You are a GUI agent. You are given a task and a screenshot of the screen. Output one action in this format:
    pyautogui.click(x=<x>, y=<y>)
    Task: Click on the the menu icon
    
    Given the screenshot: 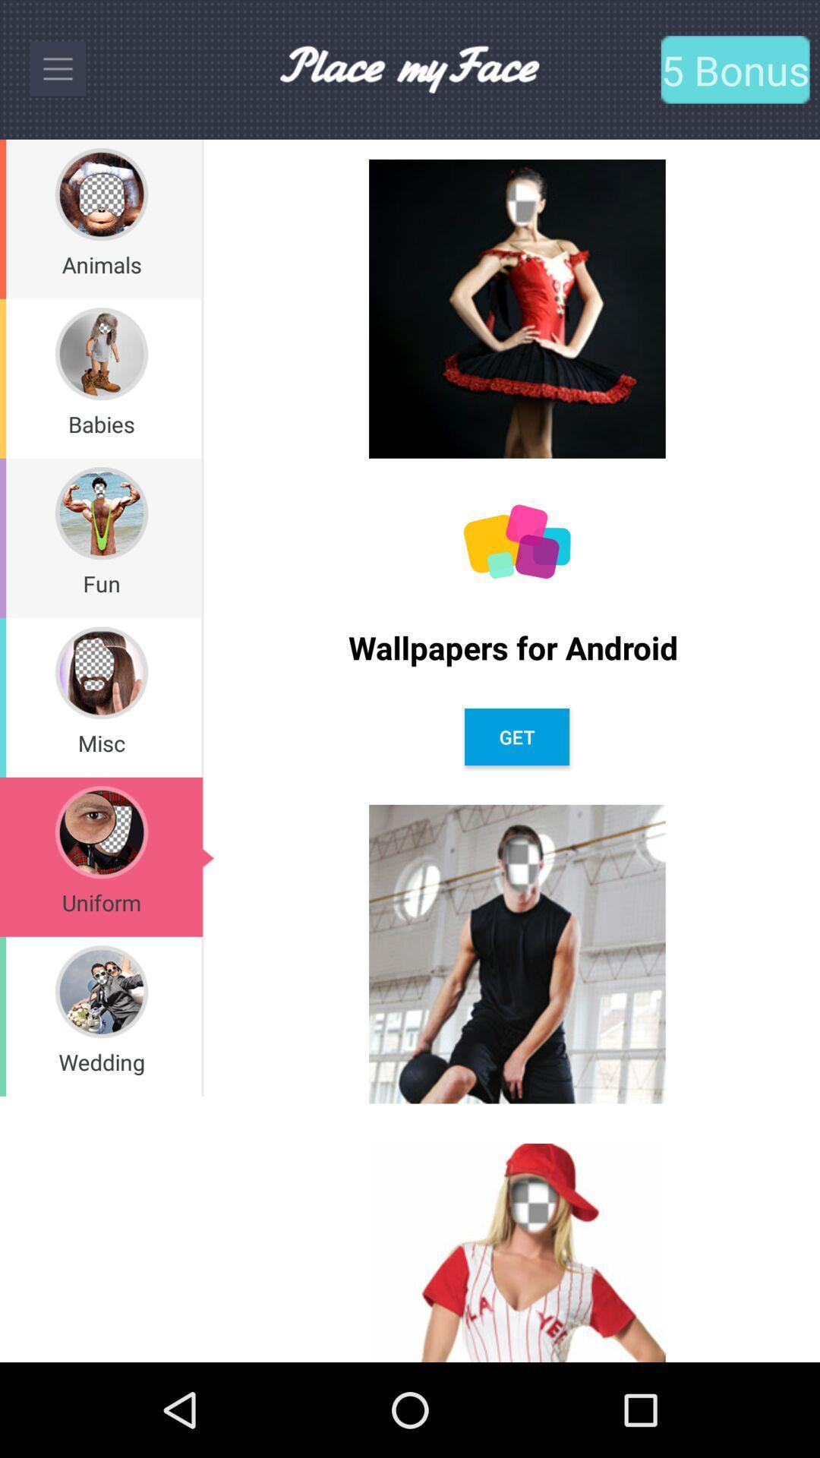 What is the action you would take?
    pyautogui.click(x=57, y=68)
    